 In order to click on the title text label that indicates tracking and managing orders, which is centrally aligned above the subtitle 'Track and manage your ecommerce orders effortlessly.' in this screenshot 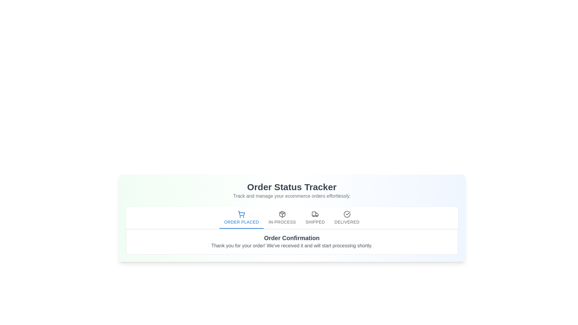, I will do `click(292, 187)`.